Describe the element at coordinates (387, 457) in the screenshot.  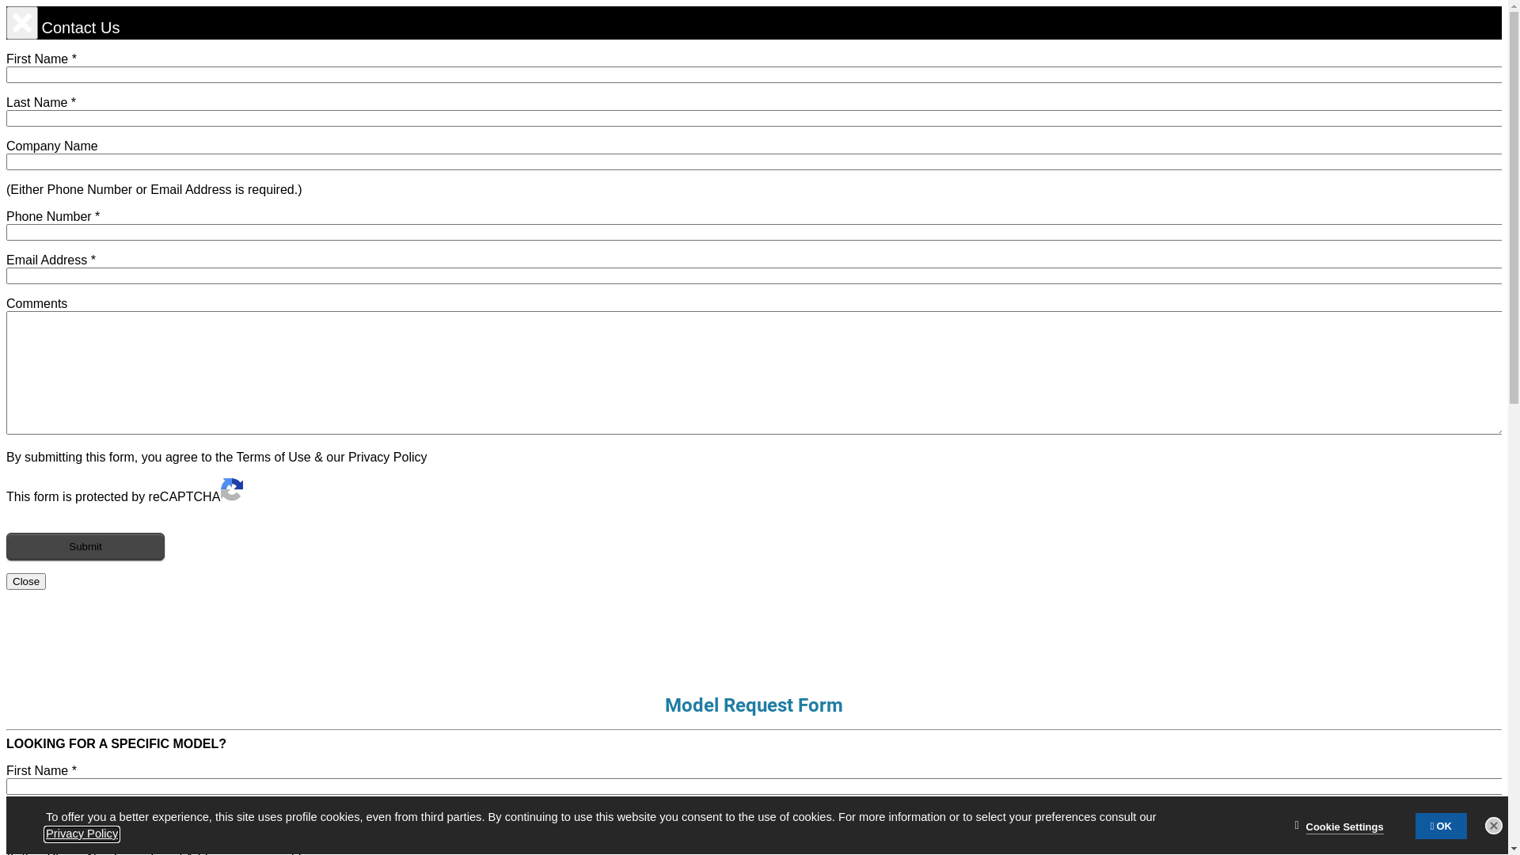
I see `'Privacy Policy'` at that location.